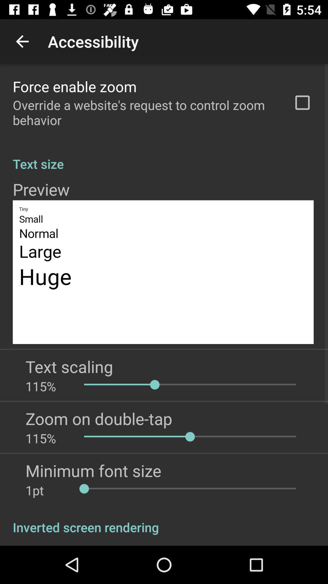 The width and height of the screenshot is (328, 584). I want to click on the button which is empty box at the top right side of the page, so click(302, 103).